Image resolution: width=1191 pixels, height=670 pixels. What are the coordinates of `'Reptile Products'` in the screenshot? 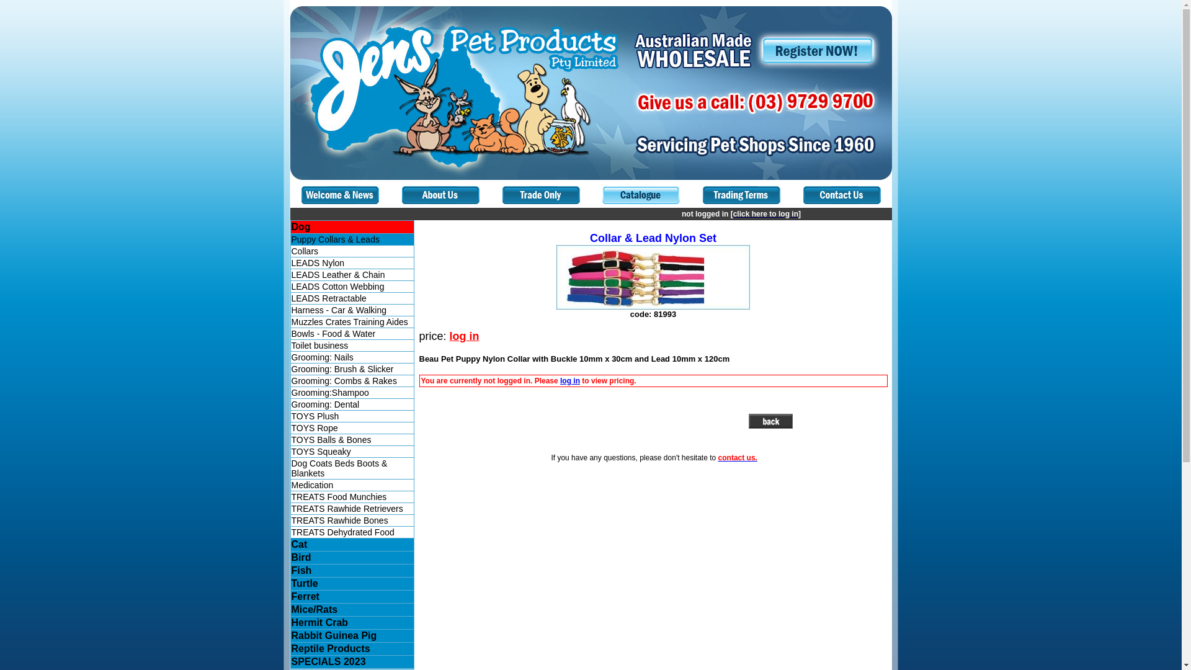 It's located at (350, 648).